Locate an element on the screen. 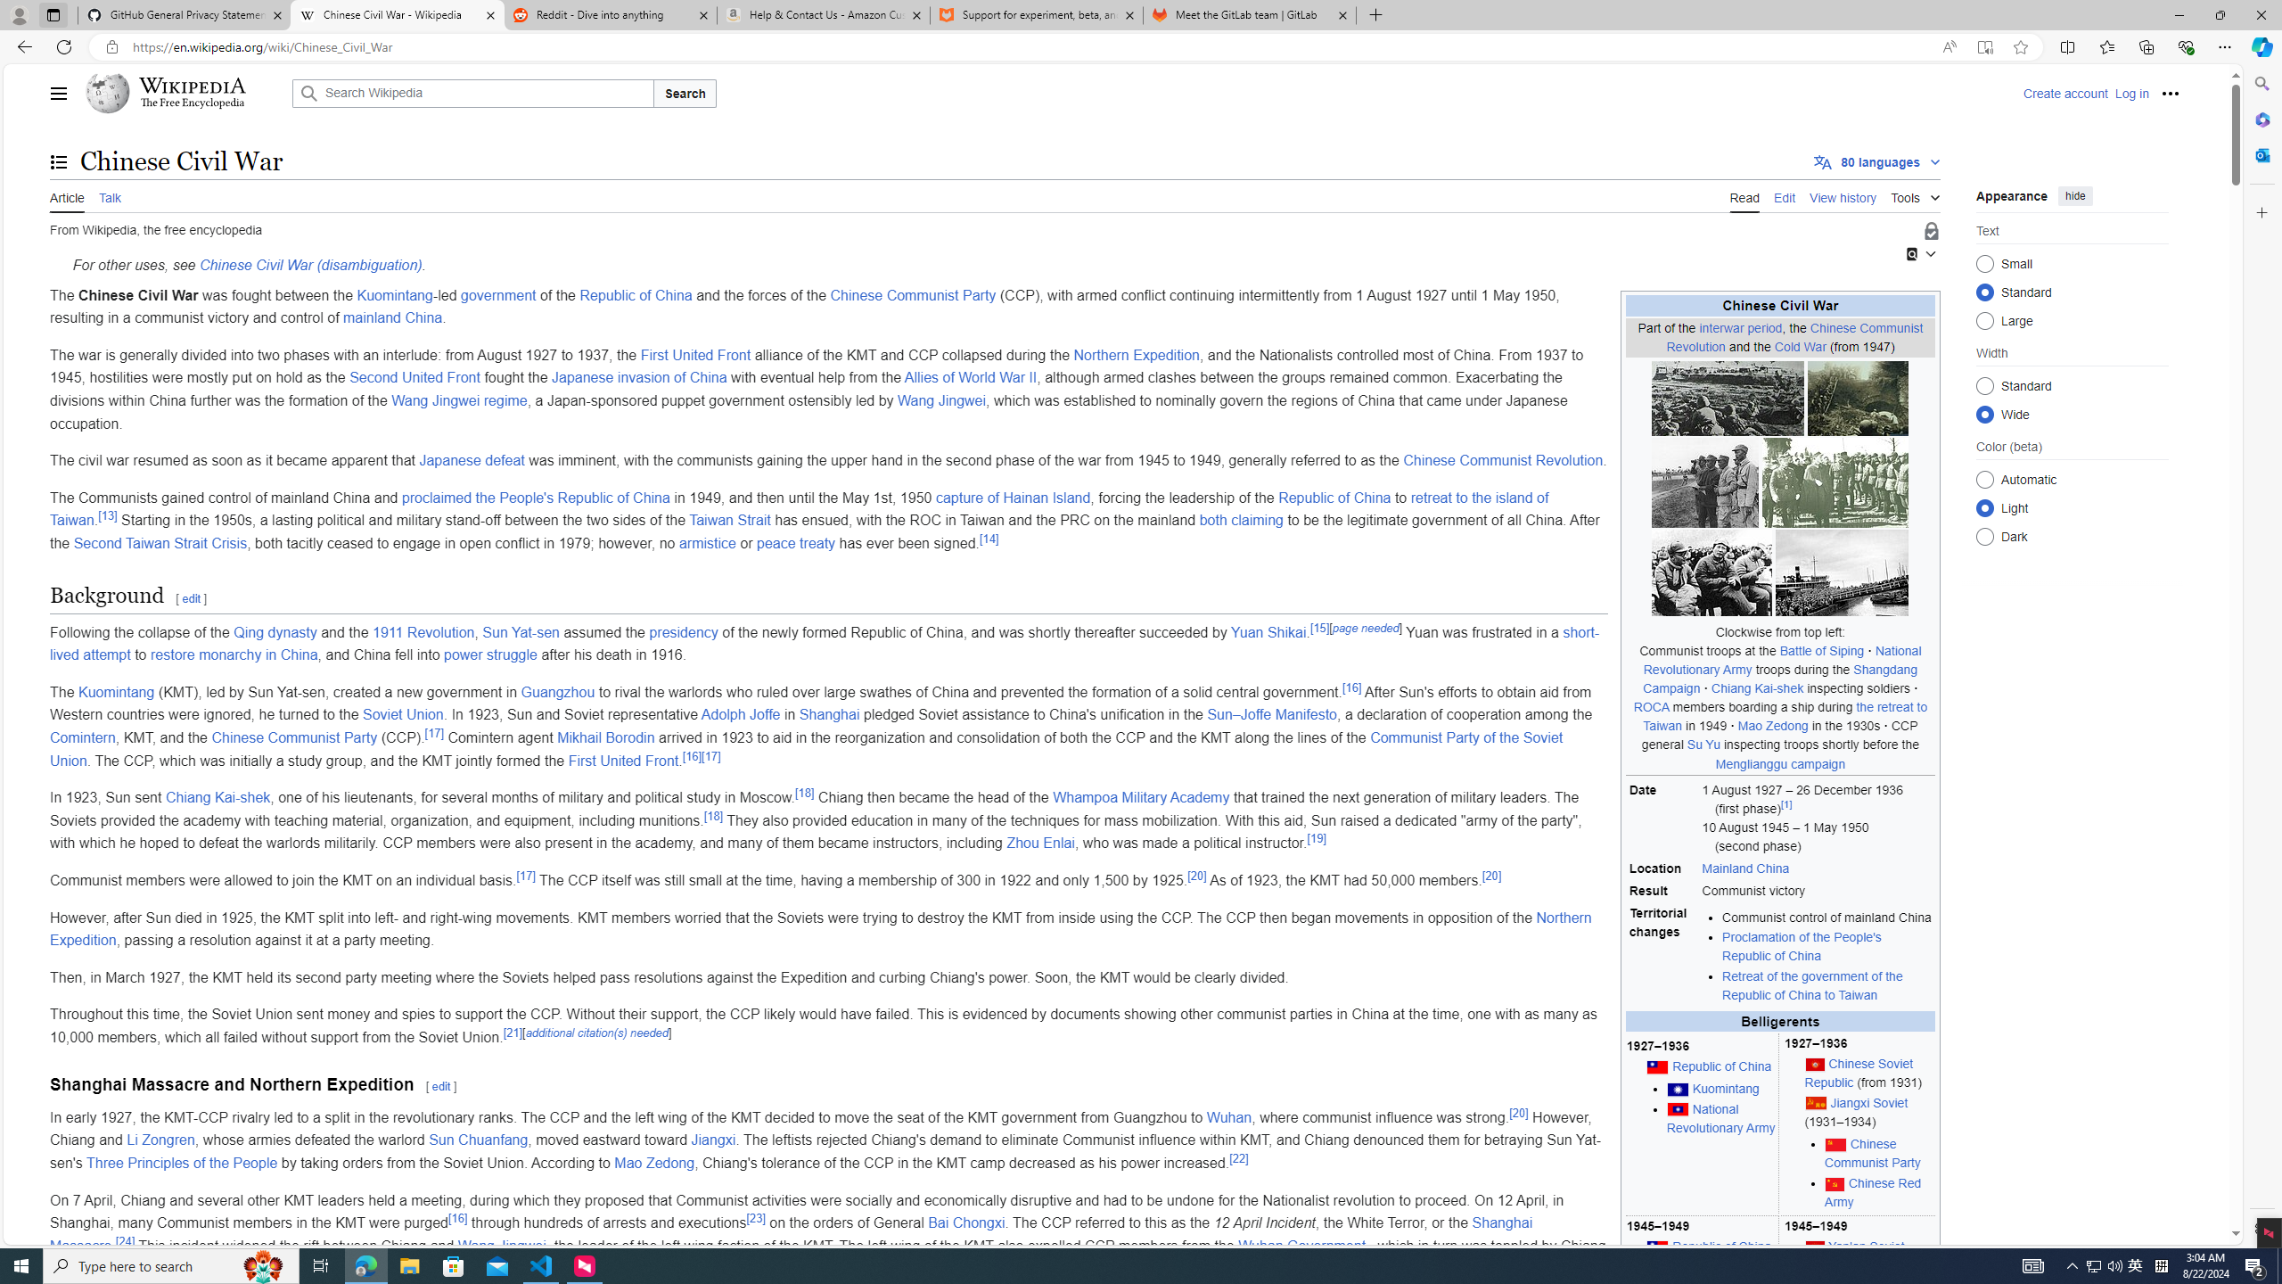 Image resolution: width=2282 pixels, height=1284 pixels. 'government' is located at coordinates (497, 294).